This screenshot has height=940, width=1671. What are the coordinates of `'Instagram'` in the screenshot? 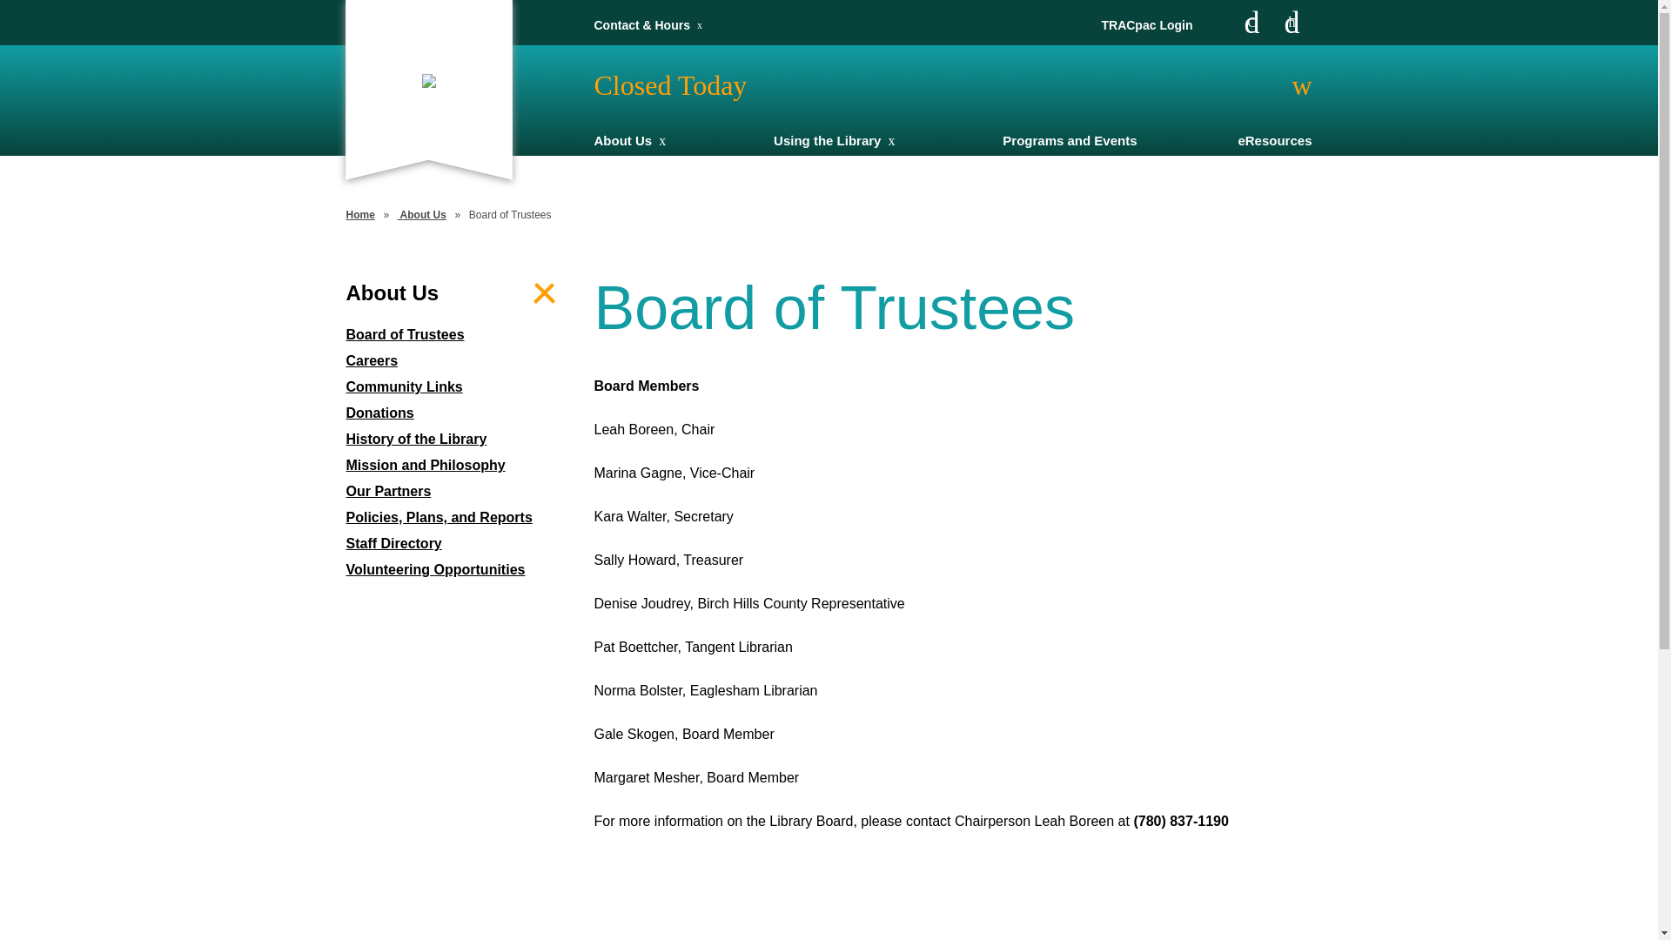 It's located at (1275, 23).